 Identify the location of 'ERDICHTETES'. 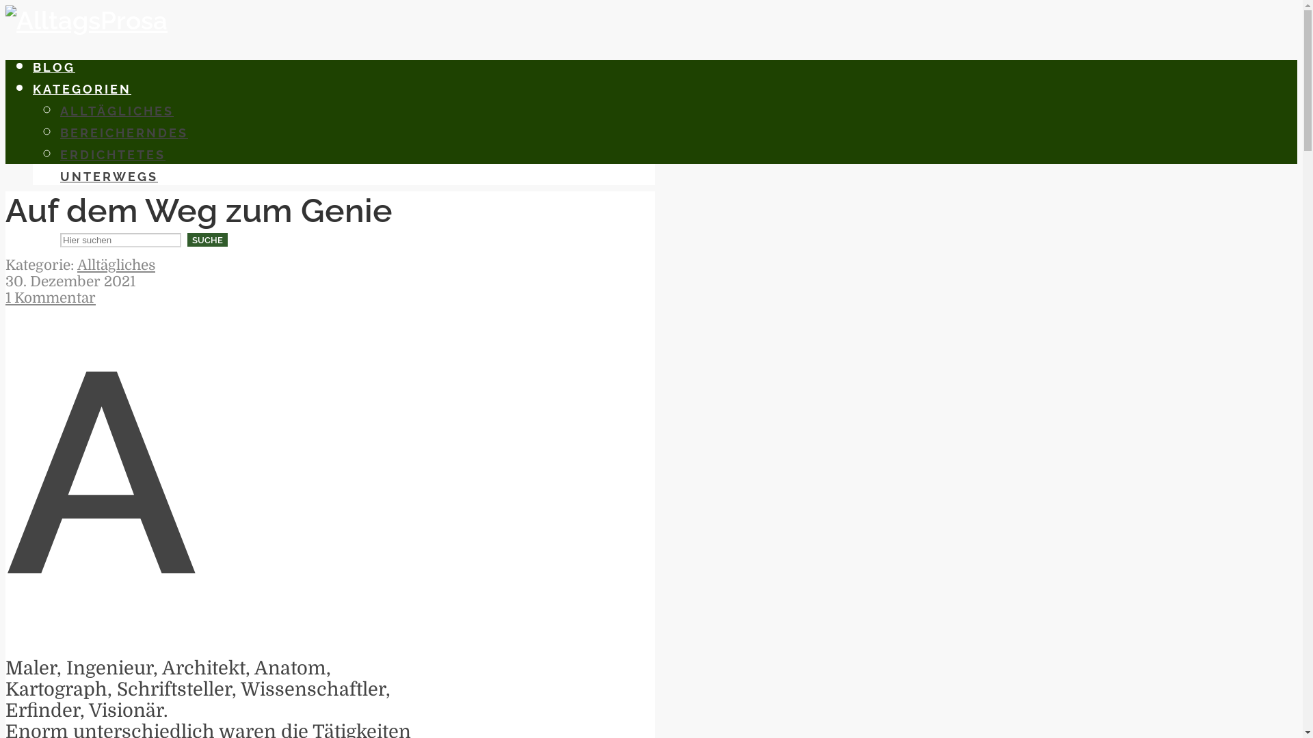
(59, 154).